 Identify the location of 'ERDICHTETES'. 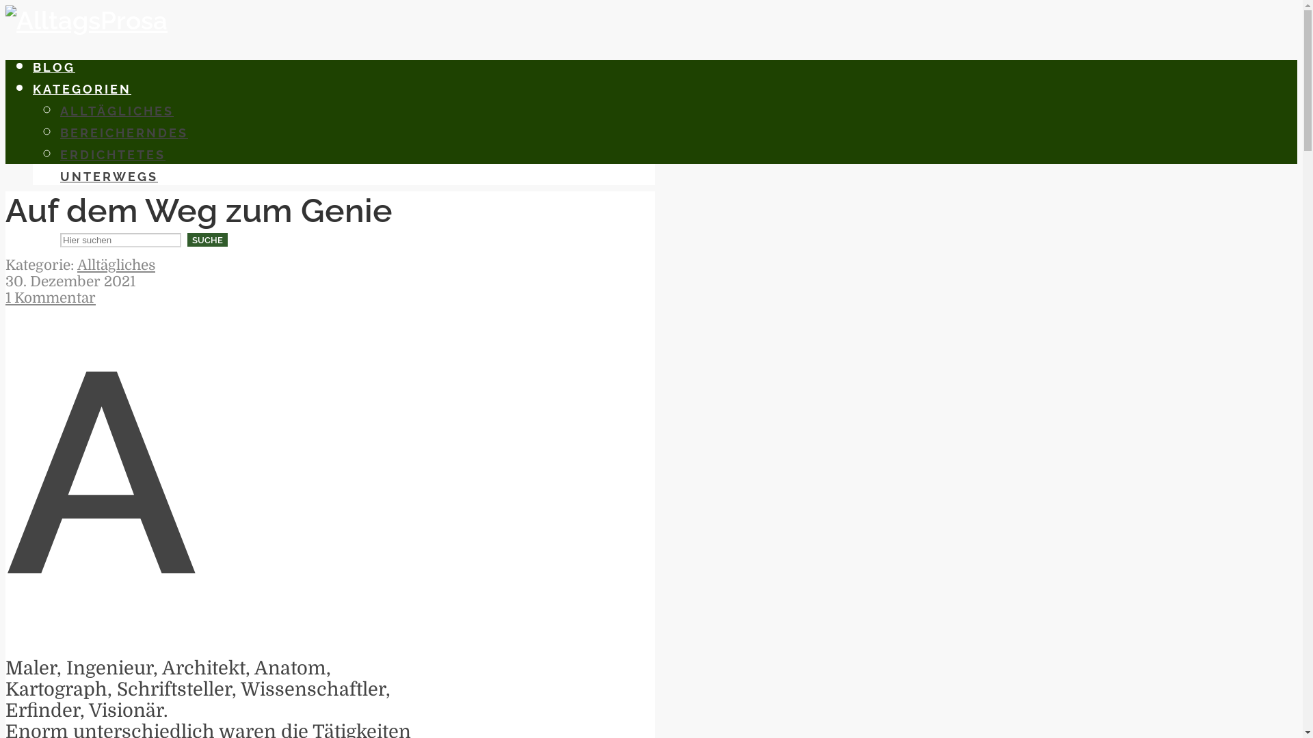
(59, 154).